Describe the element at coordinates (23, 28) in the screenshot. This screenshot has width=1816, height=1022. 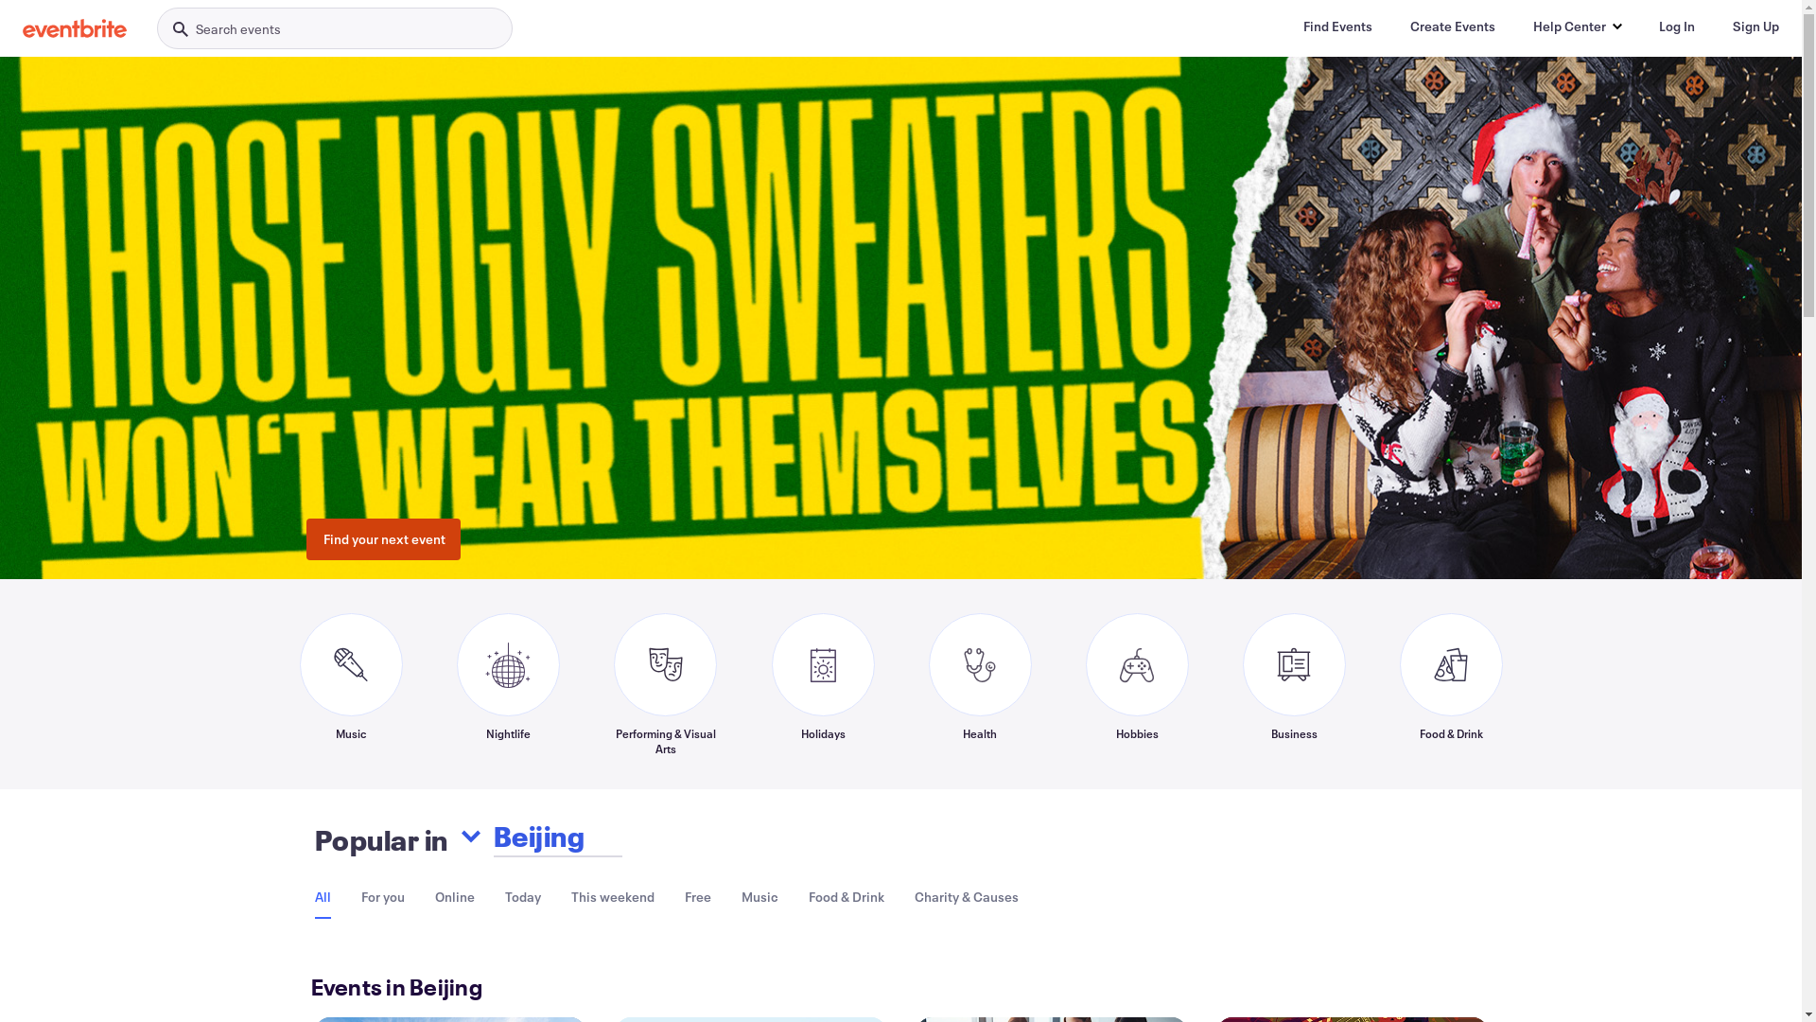
I see `'Eventbrite'` at that location.